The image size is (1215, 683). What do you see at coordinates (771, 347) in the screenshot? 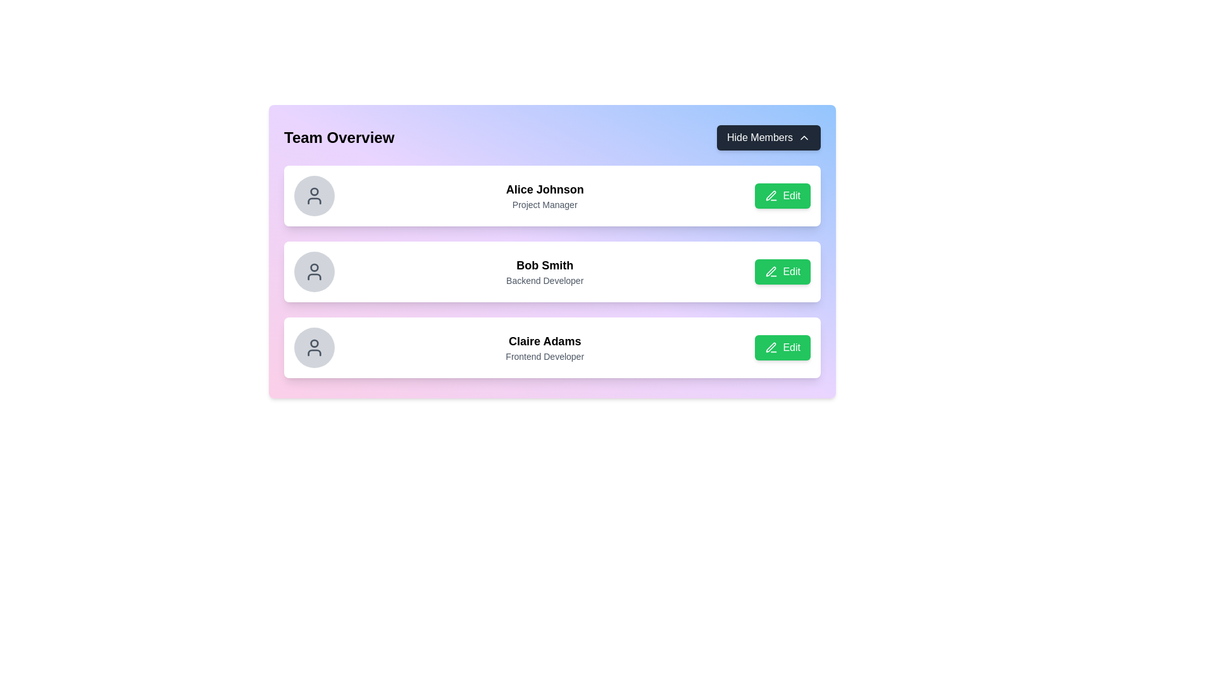
I see `the graphical representation of the editing icon located within the green 'Edit' button for the profile titled 'Claire Adams - Frontend Developer'` at bounding box center [771, 347].